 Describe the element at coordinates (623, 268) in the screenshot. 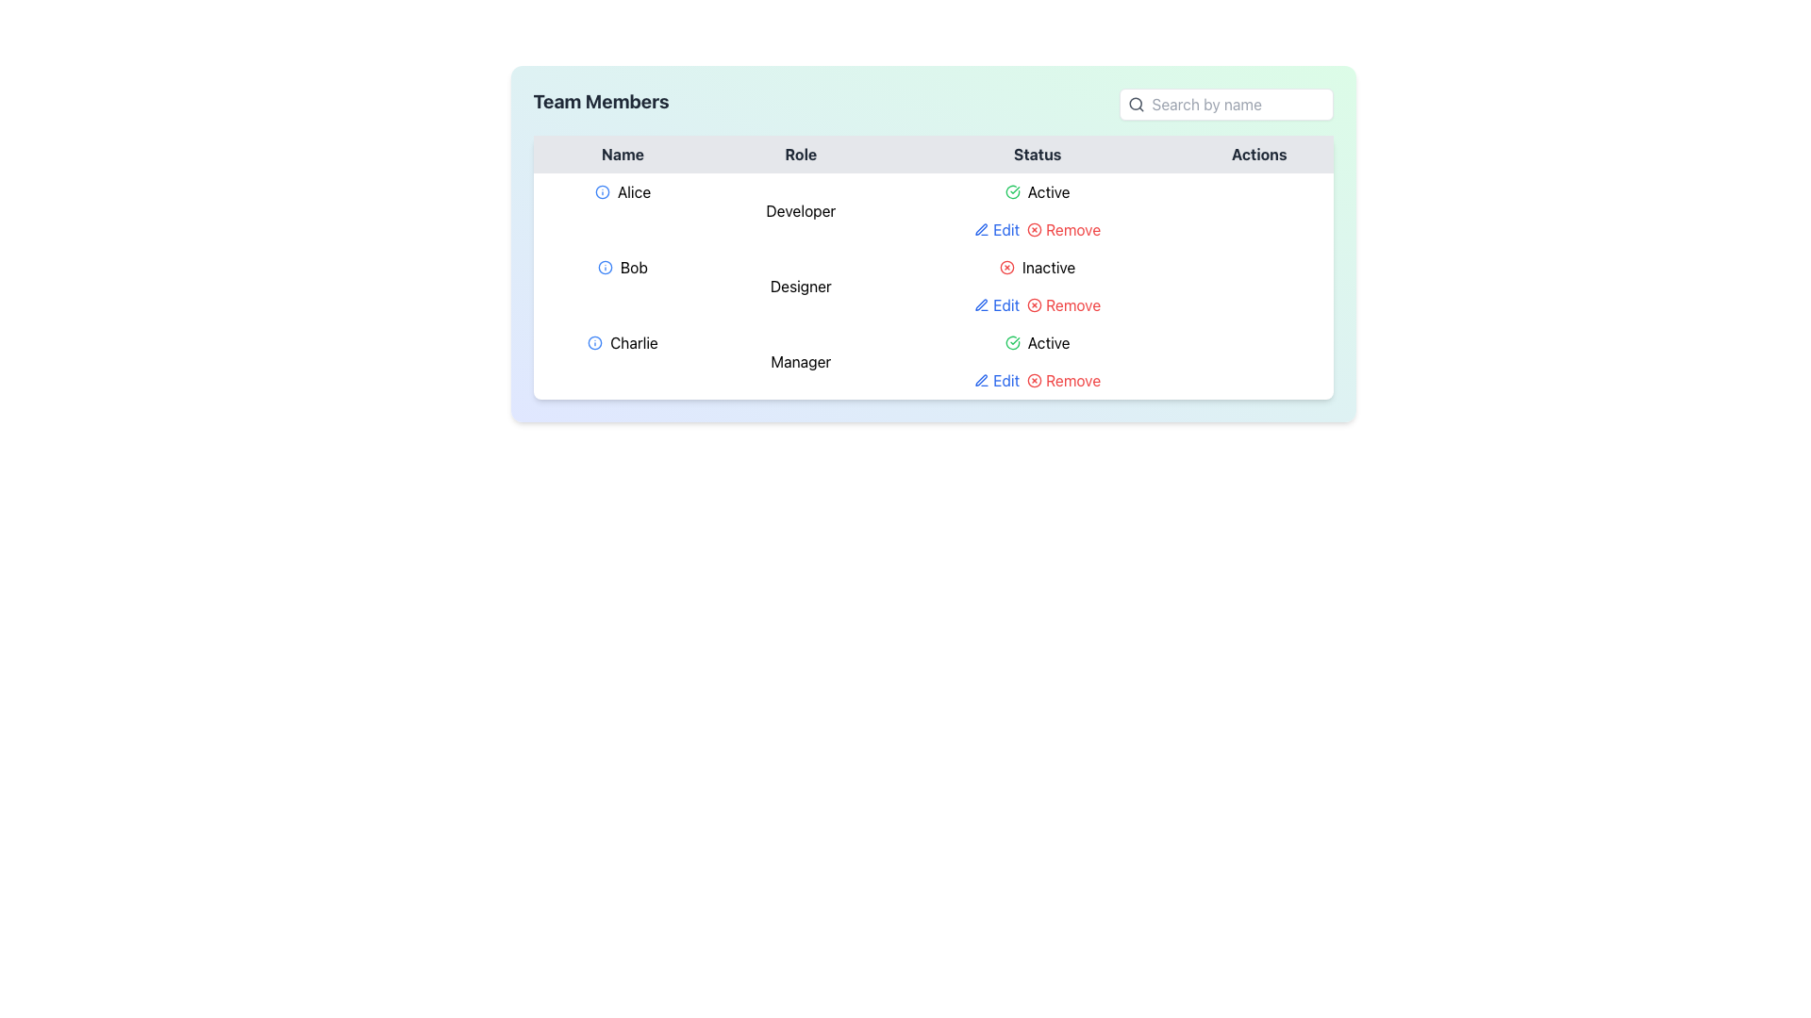

I see `the small circular icon with an 'i' next to the text label 'Bob' in the 'Team Members' table` at that location.